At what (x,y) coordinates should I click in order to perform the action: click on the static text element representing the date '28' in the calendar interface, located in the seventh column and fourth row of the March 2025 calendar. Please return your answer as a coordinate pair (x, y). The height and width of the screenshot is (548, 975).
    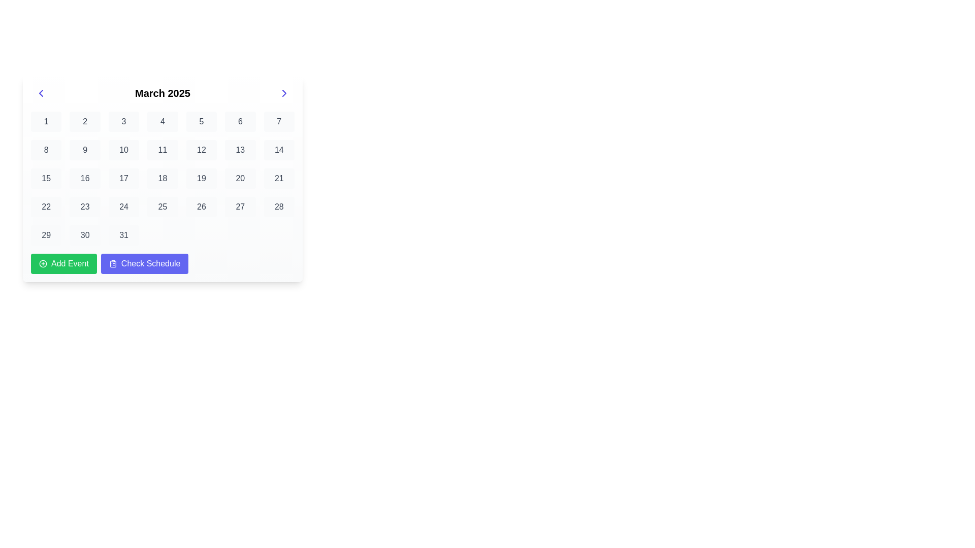
    Looking at the image, I should click on (279, 207).